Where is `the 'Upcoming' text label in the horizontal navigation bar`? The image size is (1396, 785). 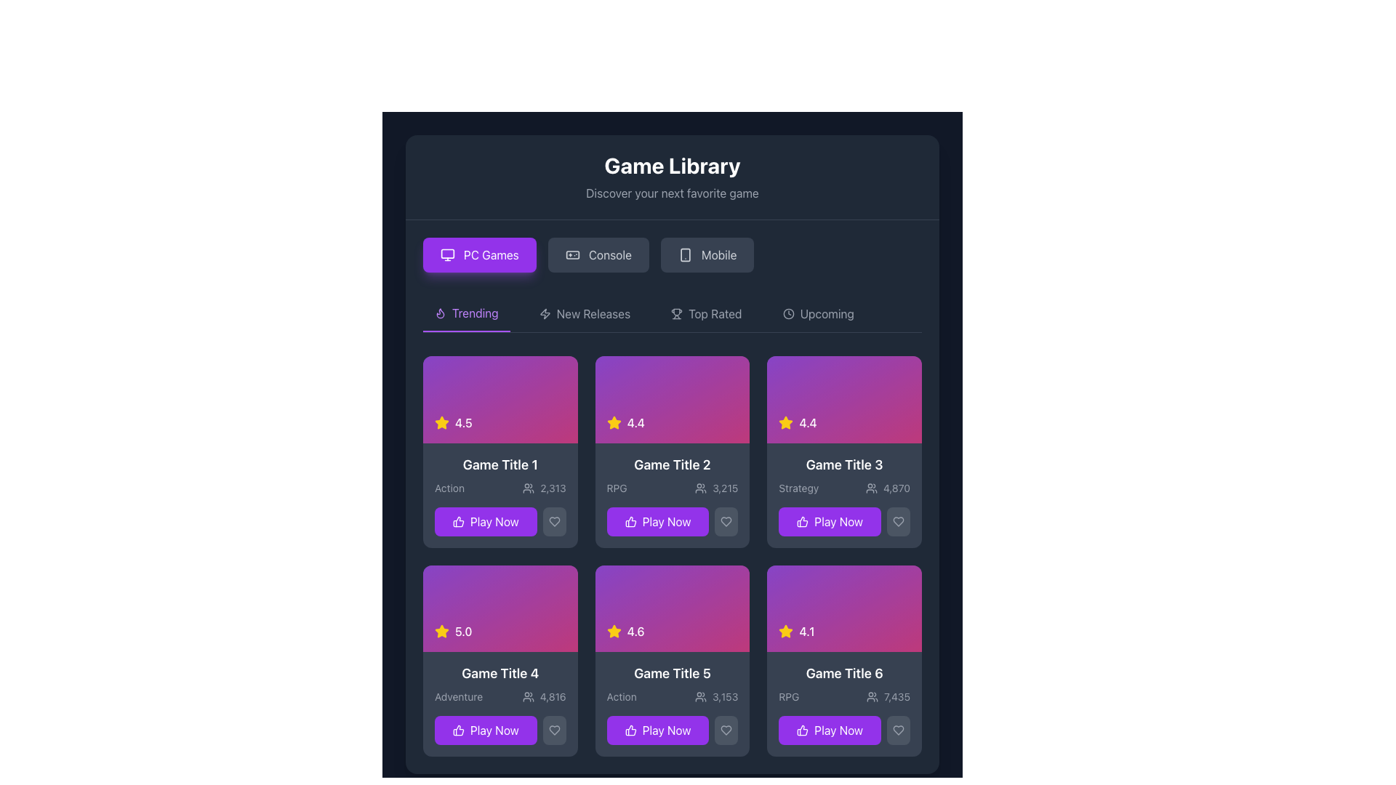
the 'Upcoming' text label in the horizontal navigation bar is located at coordinates (827, 313).